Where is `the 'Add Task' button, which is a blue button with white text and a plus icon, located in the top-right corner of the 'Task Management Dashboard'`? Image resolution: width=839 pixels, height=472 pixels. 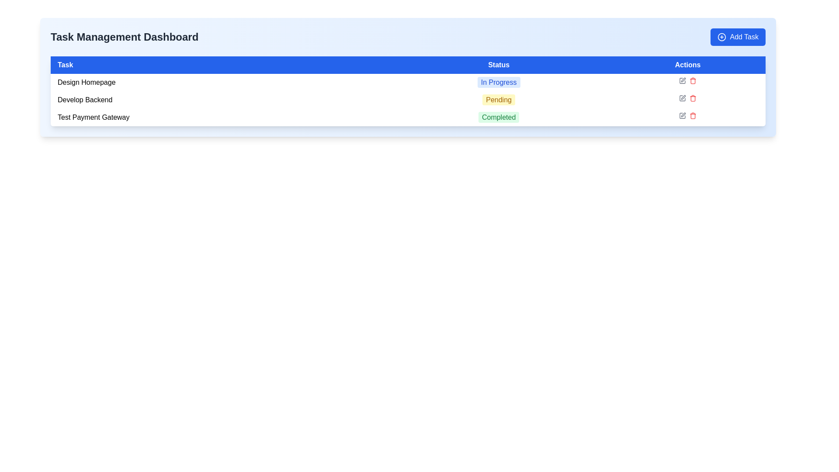
the 'Add Task' button, which is a blue button with white text and a plus icon, located in the top-right corner of the 'Task Management Dashboard' is located at coordinates (738, 36).